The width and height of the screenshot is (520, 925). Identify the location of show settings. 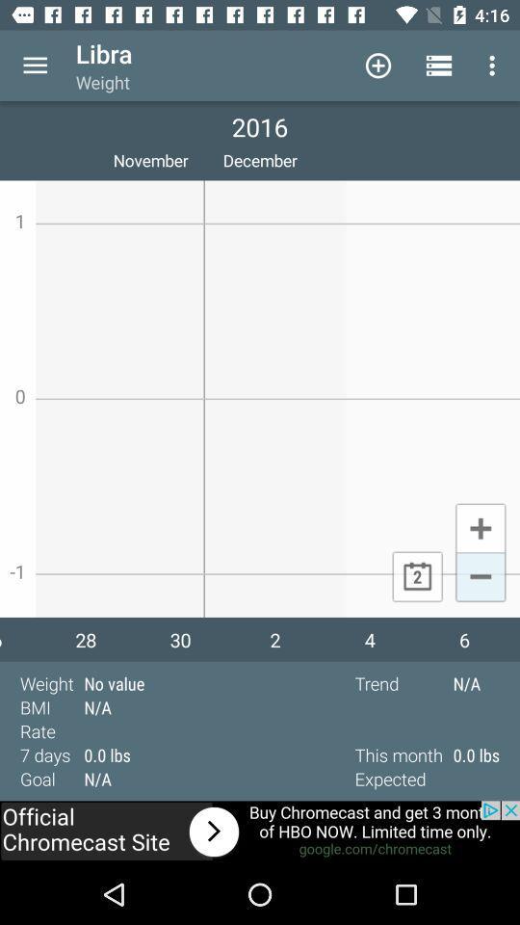
(35, 66).